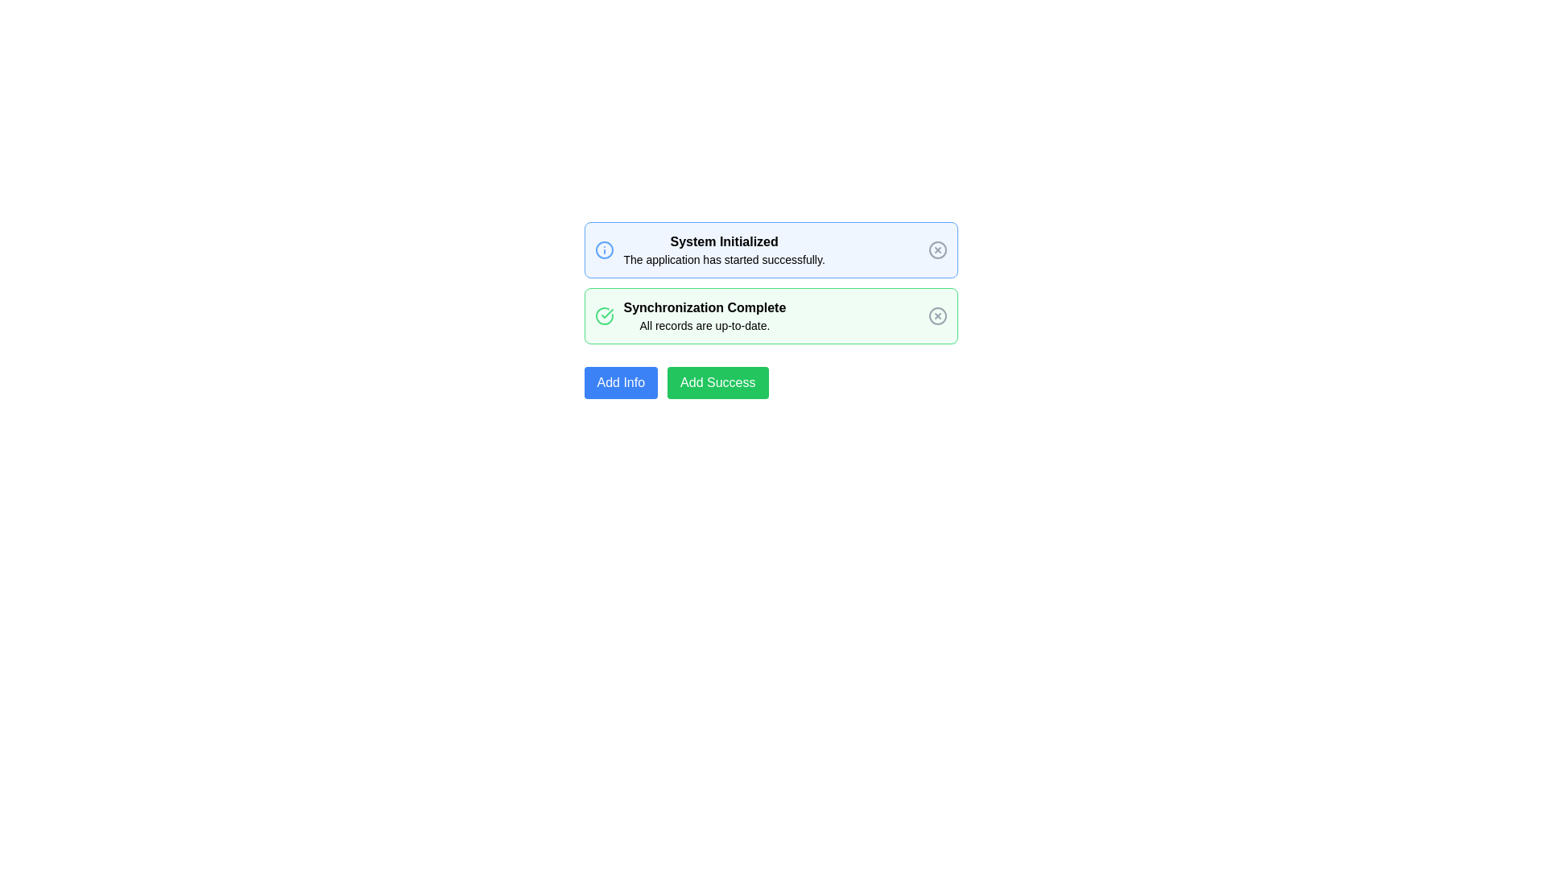 The height and width of the screenshot is (869, 1546). I want to click on the bolded text label displaying 'Synchronization Complete', which is located at the top of a green-colored notification block, above the text 'All records are up-to-date.', so click(705, 307).